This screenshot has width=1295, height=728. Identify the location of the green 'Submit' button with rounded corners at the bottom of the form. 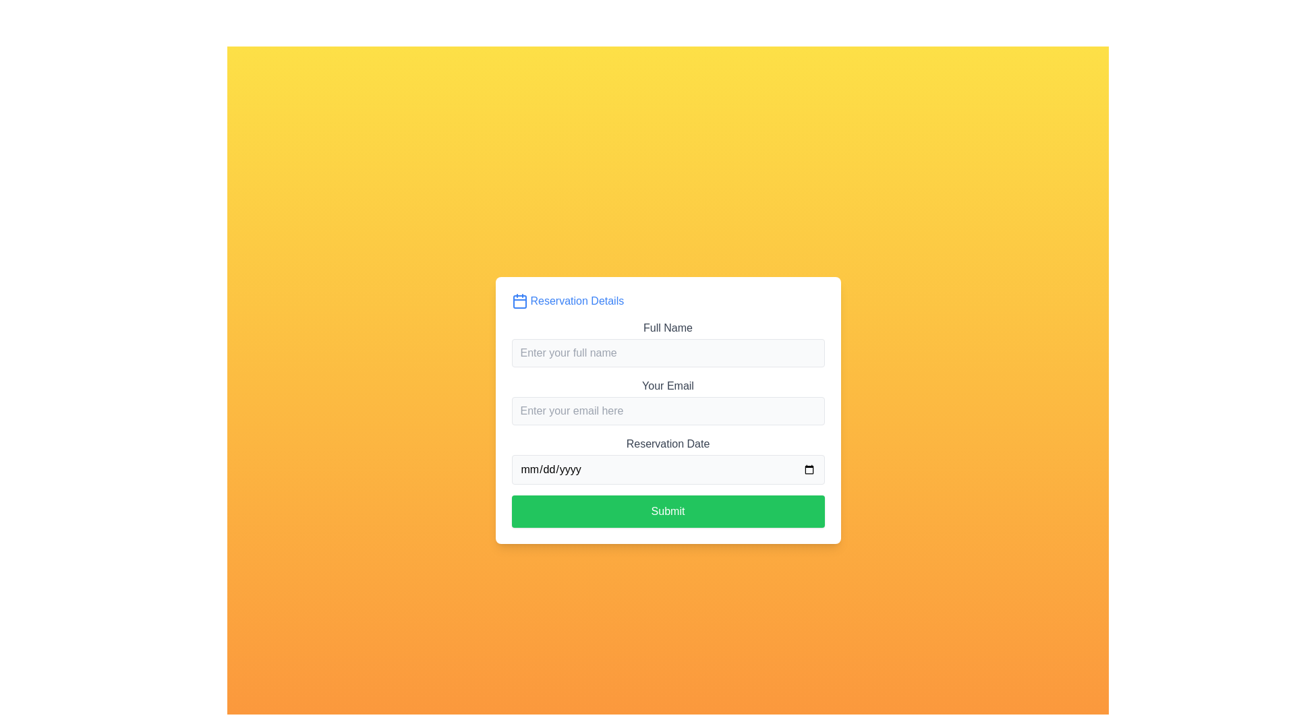
(668, 512).